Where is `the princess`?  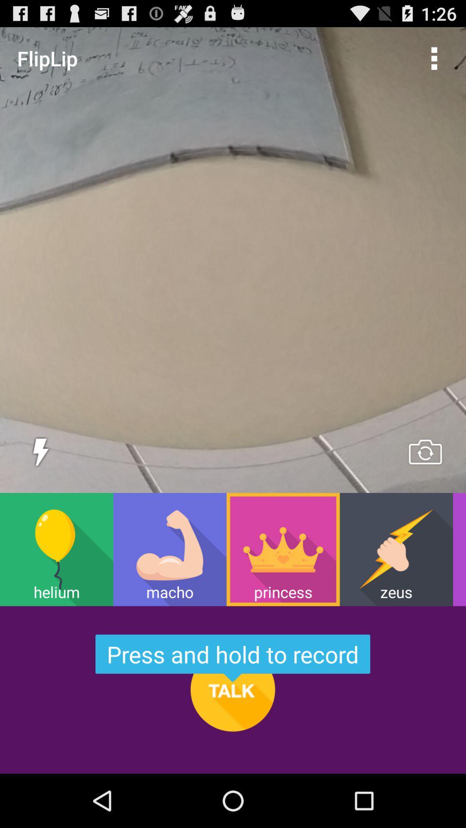 the princess is located at coordinates (283, 549).